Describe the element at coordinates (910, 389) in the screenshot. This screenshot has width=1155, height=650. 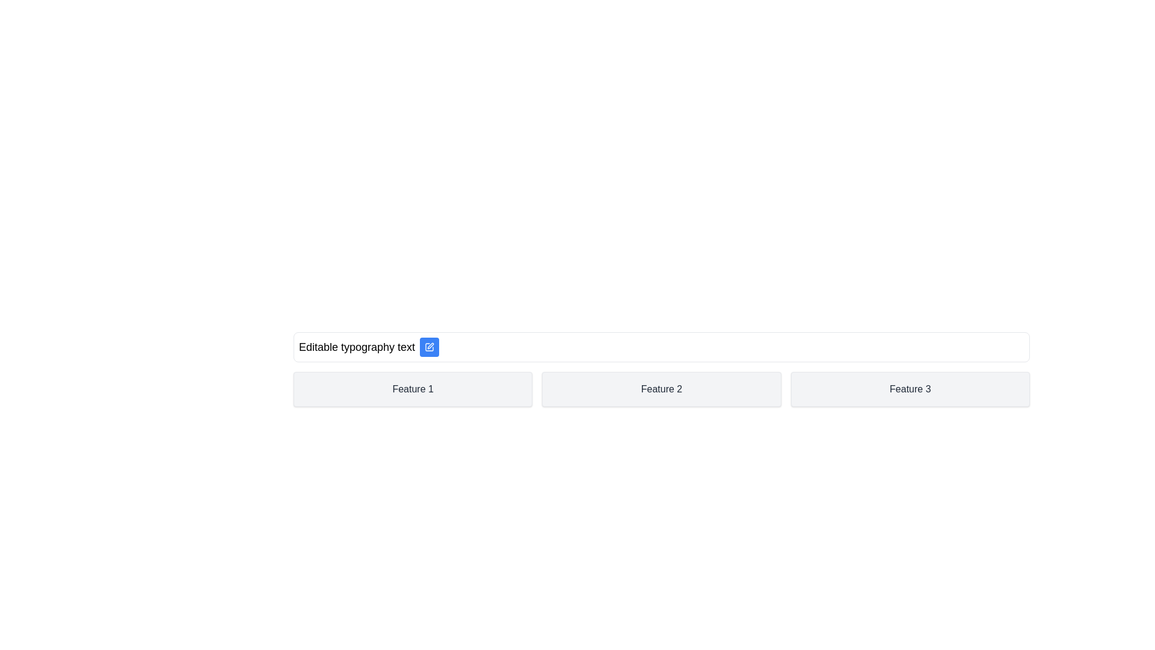
I see `text label 'Feature 3' located within the button on the far right of the horizontal row of buttons` at that location.